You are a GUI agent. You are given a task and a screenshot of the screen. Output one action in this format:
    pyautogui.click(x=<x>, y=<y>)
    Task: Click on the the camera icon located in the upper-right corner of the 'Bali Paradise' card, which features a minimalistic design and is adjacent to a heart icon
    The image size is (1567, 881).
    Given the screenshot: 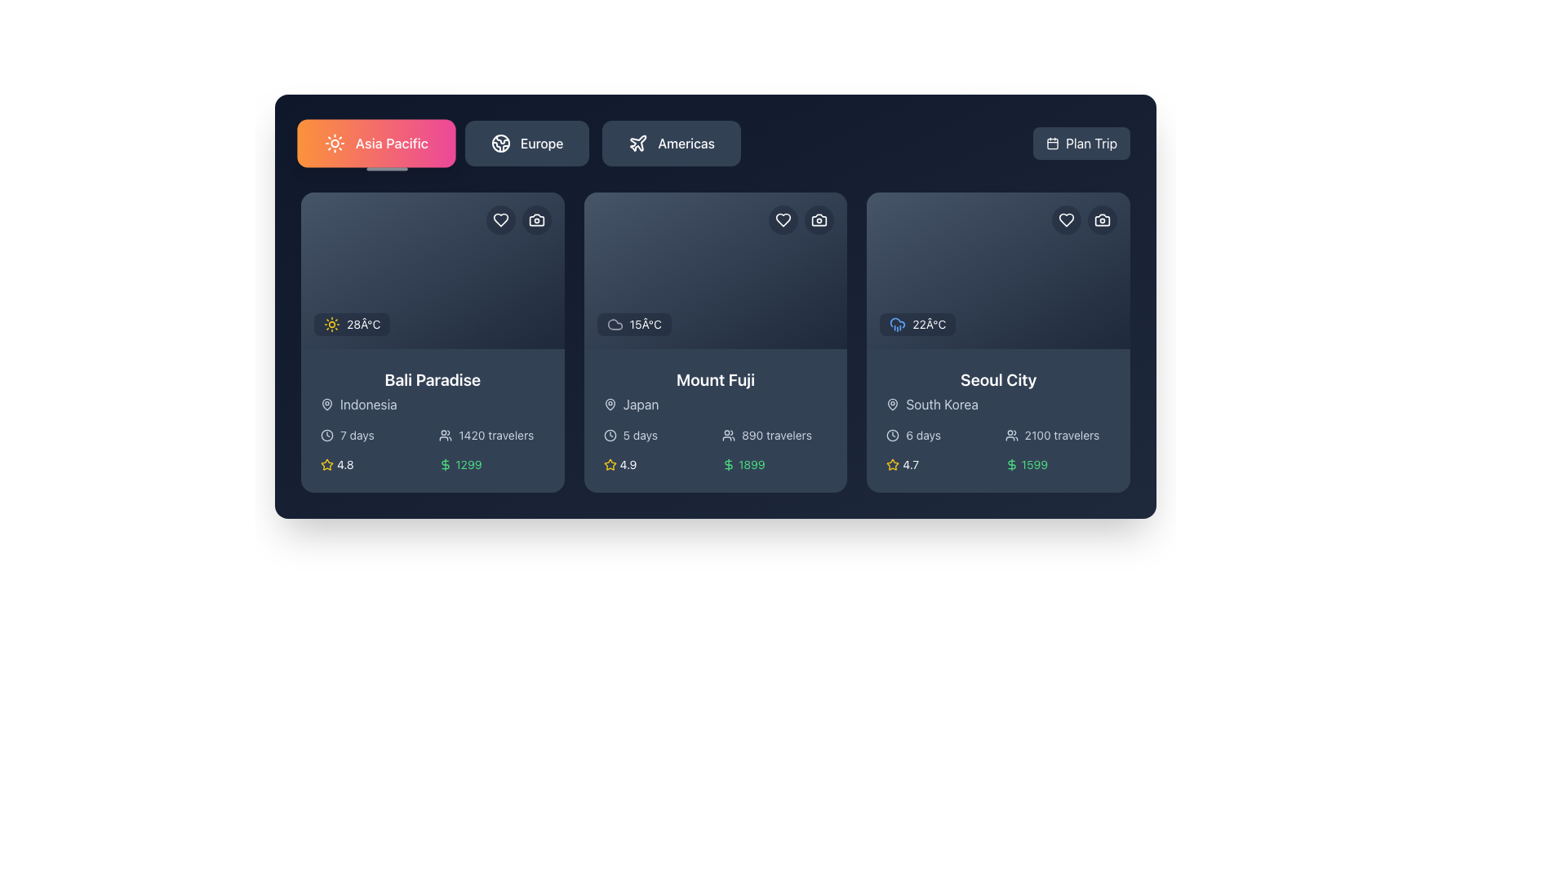 What is the action you would take?
    pyautogui.click(x=536, y=220)
    